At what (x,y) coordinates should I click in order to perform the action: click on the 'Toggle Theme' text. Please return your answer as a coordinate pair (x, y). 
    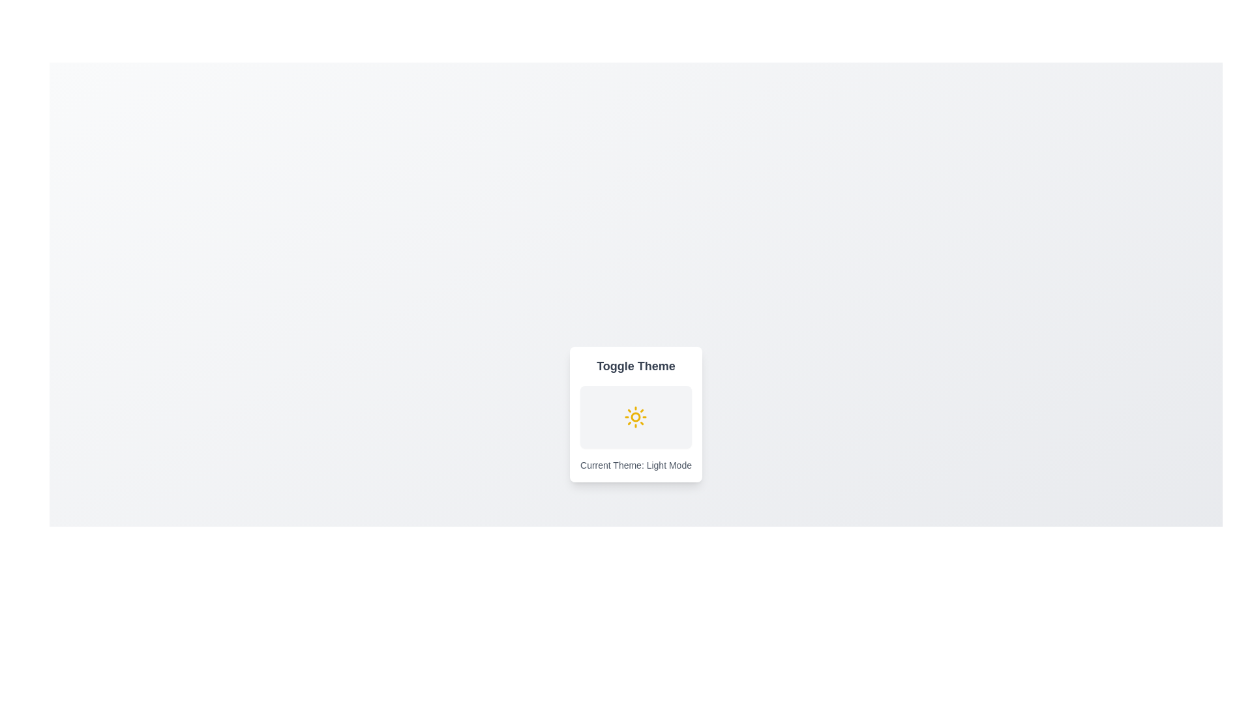
    Looking at the image, I should click on (636, 366).